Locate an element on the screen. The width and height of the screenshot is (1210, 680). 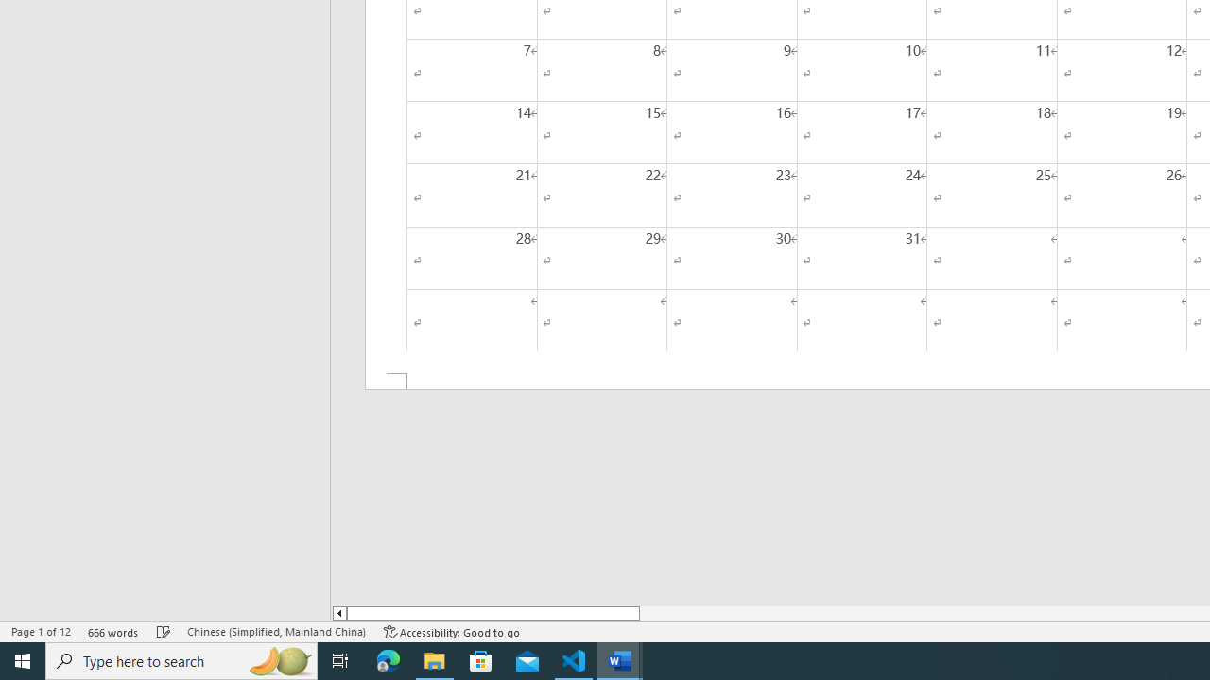
'Language Chinese (Simplified, Mainland China)' is located at coordinates (275, 632).